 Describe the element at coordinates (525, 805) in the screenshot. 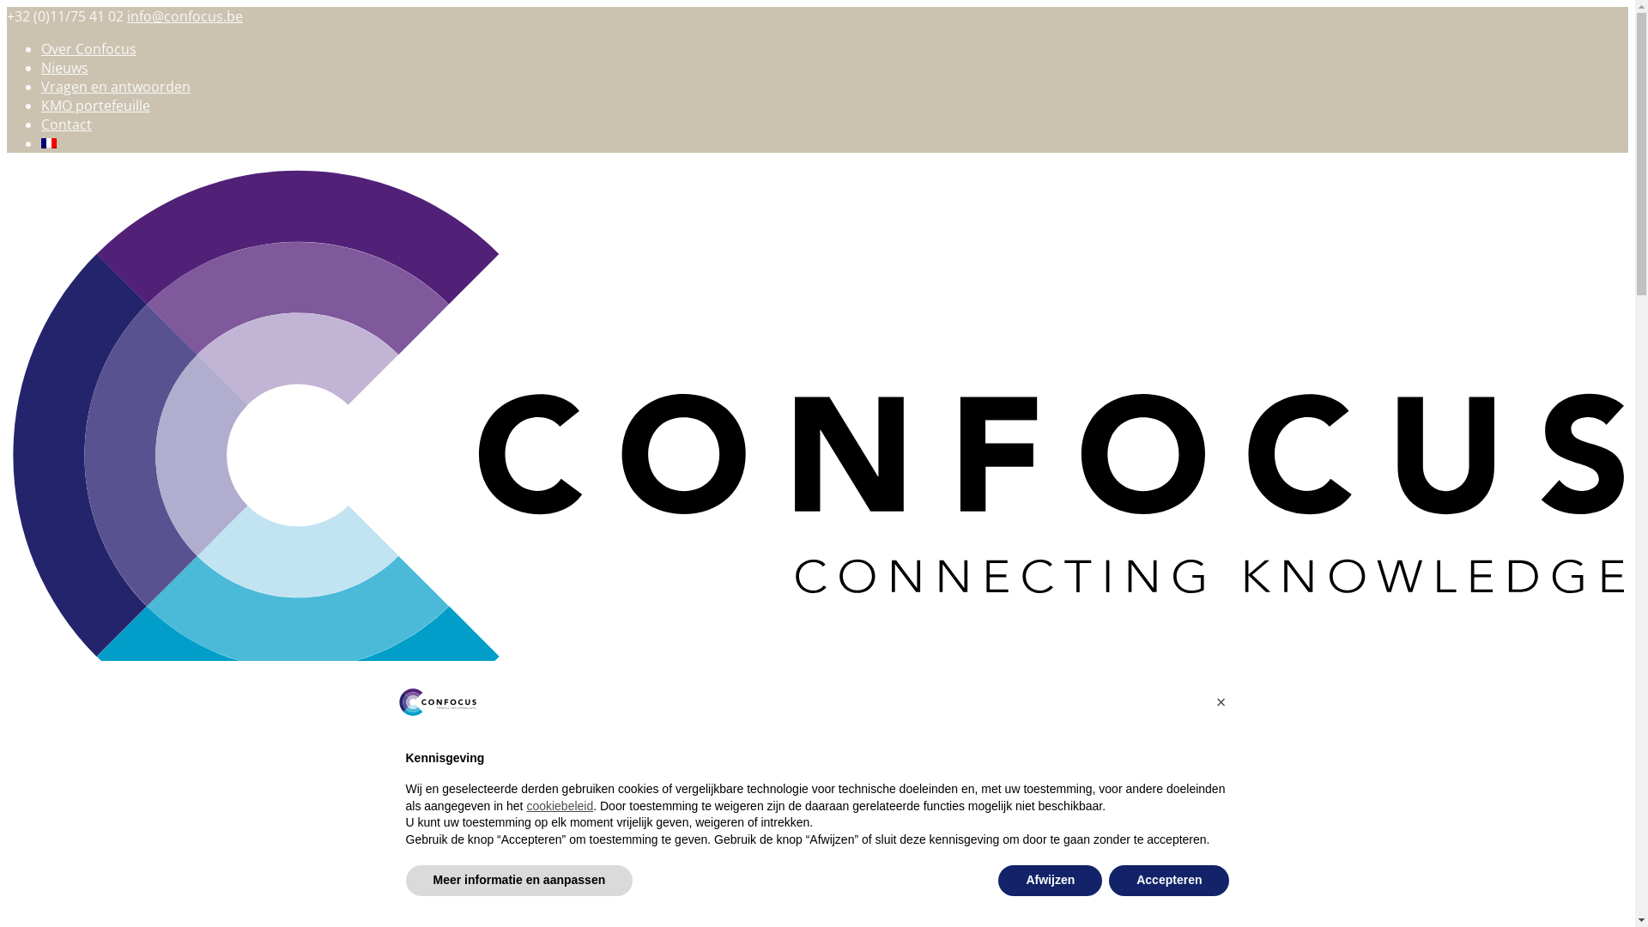

I see `'cookiebeleid'` at that location.